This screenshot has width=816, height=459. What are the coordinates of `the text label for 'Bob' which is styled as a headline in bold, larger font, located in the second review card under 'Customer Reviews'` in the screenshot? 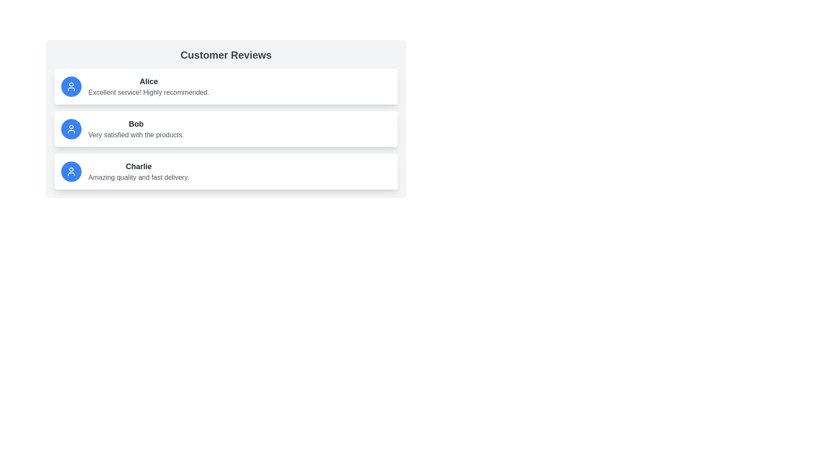 It's located at (136, 124).